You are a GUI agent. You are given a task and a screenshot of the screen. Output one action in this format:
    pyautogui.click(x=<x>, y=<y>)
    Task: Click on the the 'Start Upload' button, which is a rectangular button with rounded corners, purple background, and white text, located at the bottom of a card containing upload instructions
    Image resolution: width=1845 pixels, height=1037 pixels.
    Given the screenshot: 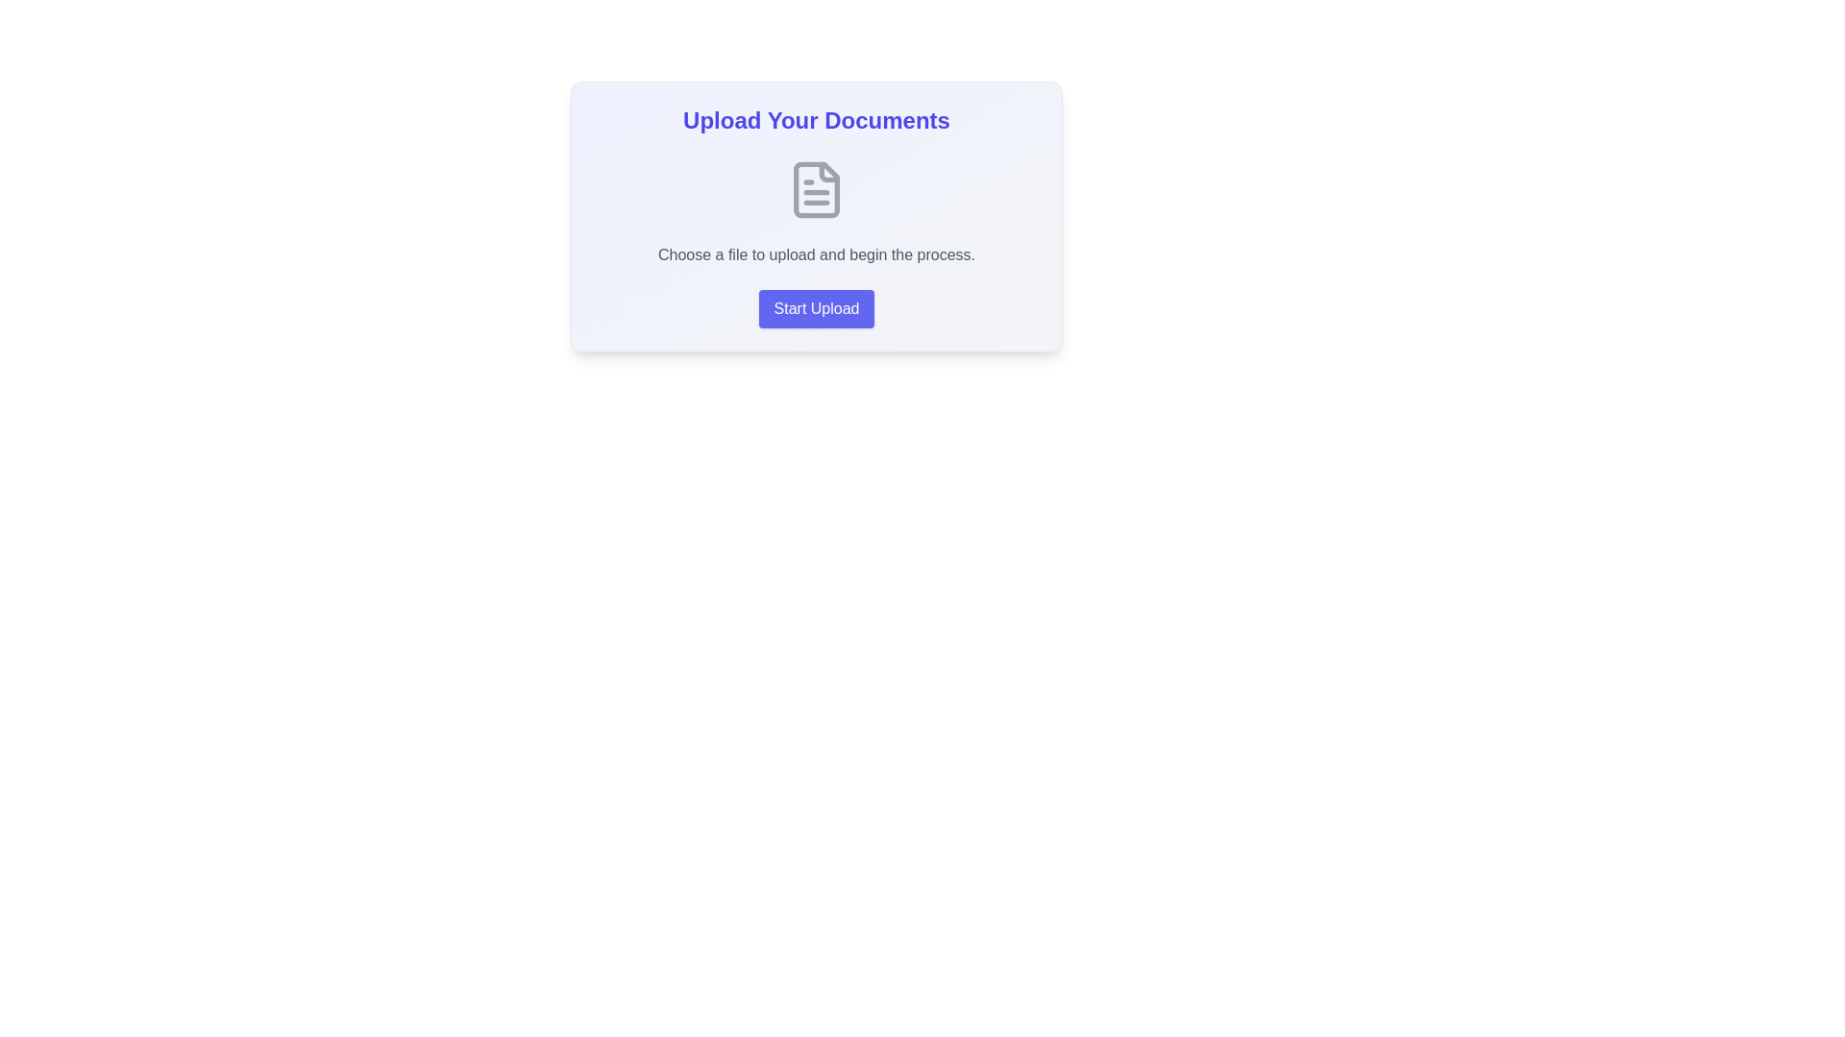 What is the action you would take?
    pyautogui.click(x=816, y=307)
    